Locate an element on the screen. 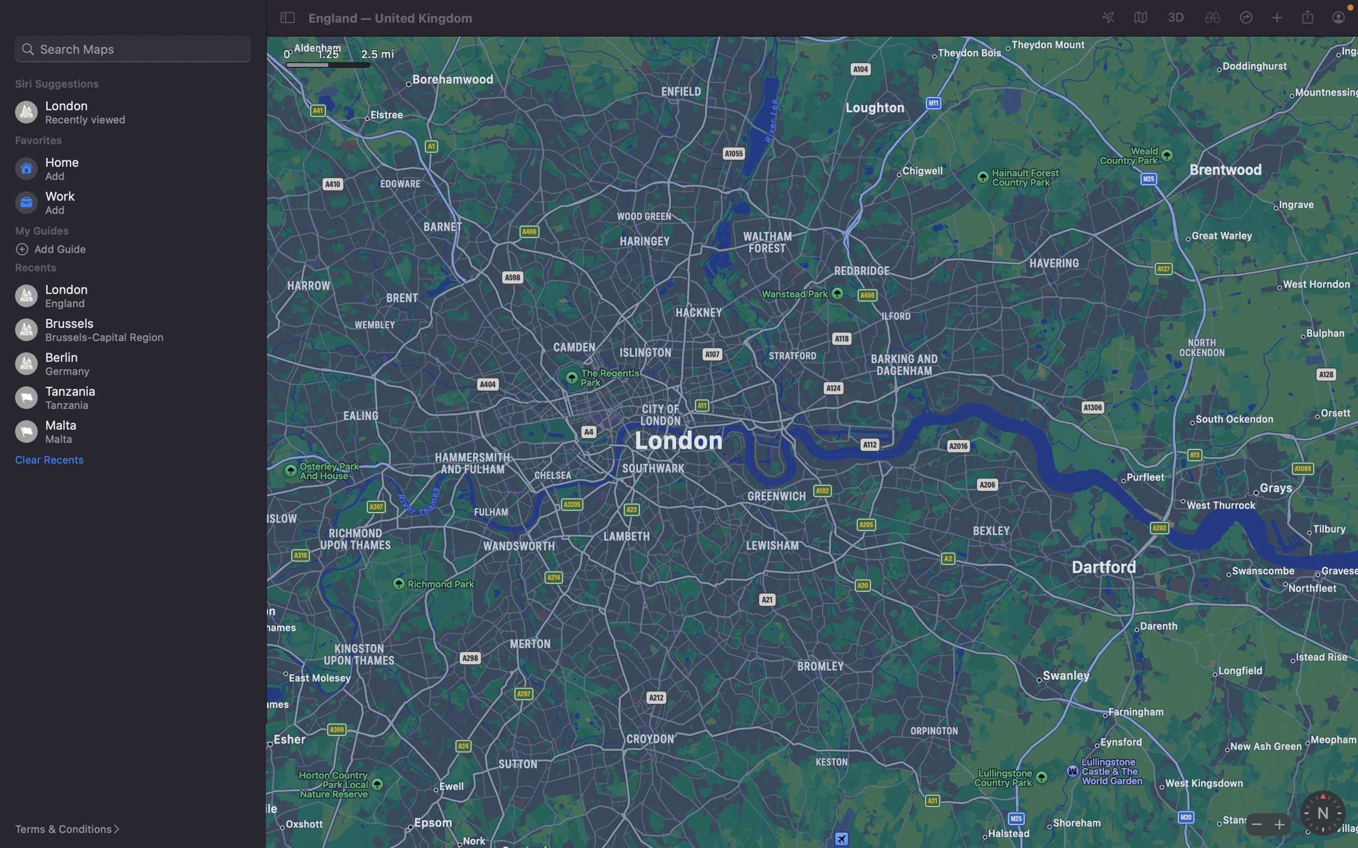 The image size is (1358, 848). the compass is located at coordinates (1322, 813).